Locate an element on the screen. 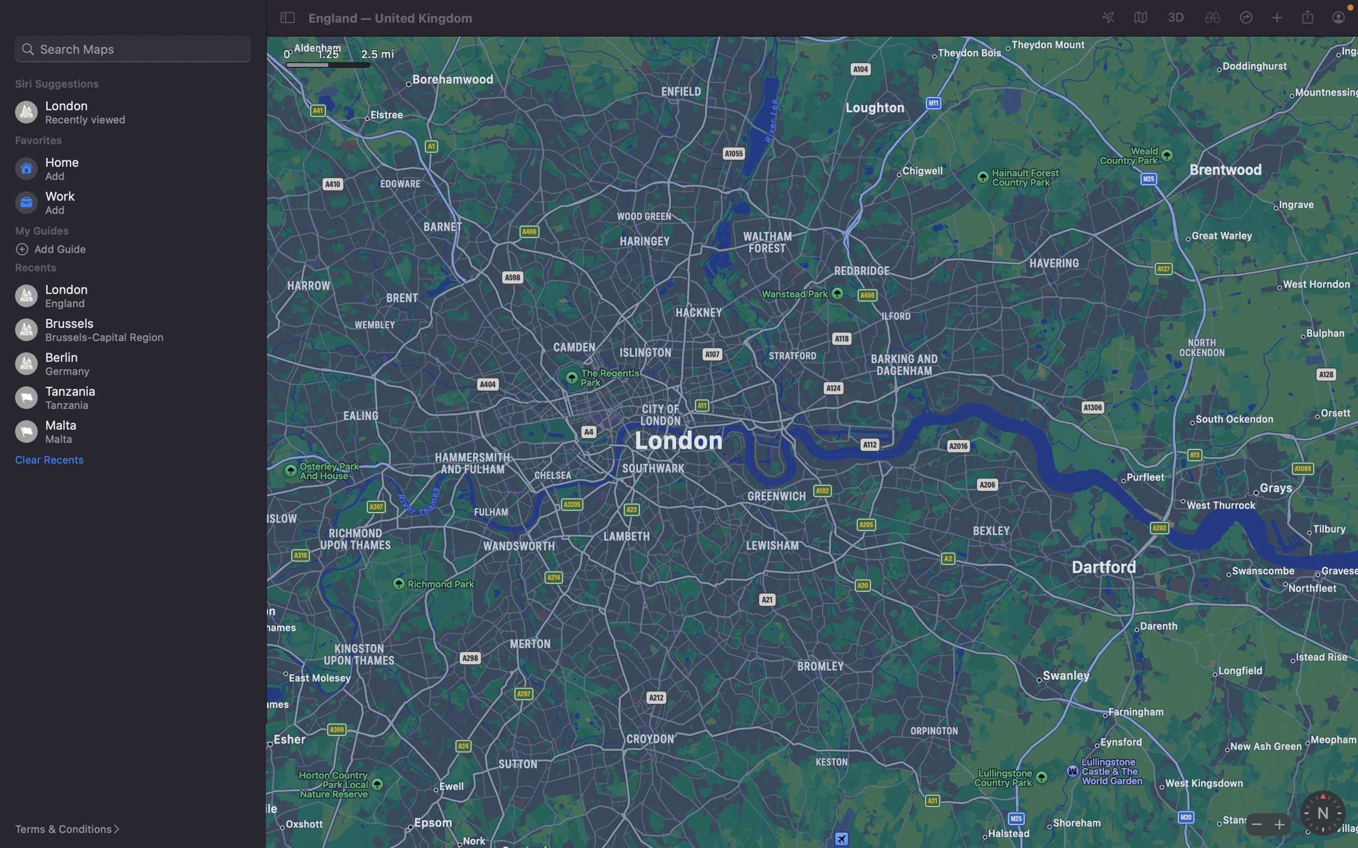 The image size is (1358, 848). the compass is located at coordinates (1322, 813).